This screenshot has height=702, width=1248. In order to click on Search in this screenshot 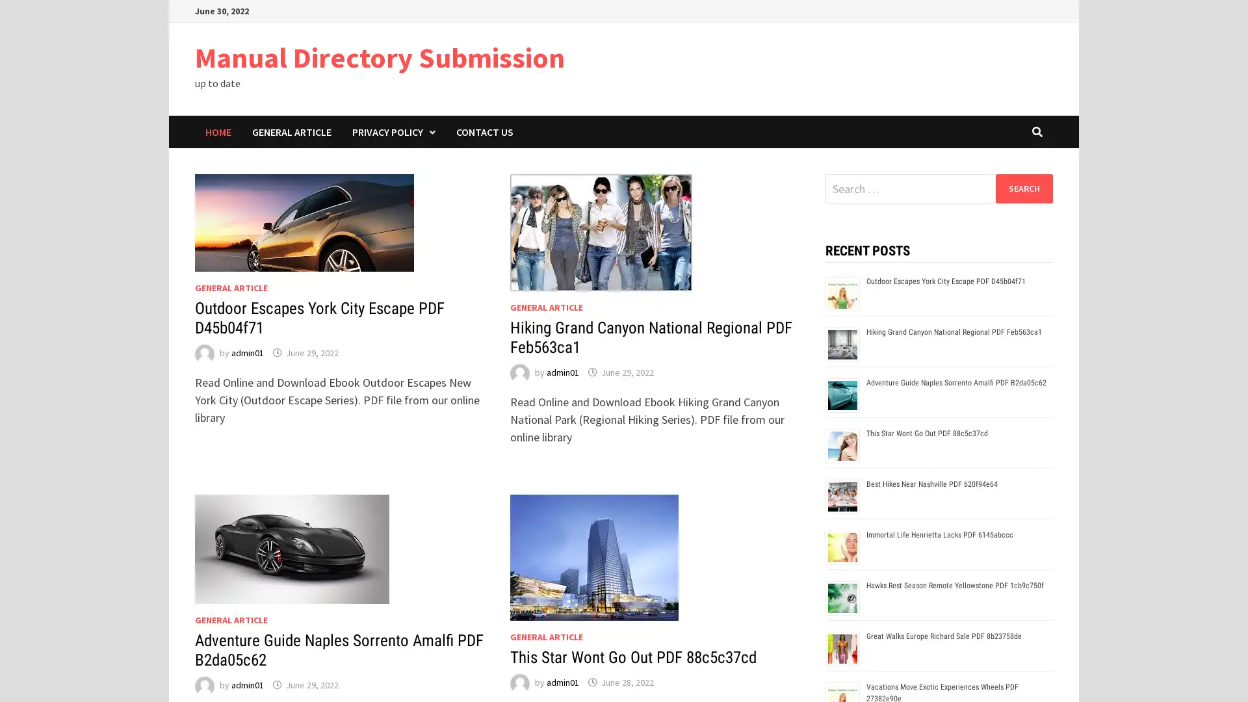, I will do `click(1023, 188)`.